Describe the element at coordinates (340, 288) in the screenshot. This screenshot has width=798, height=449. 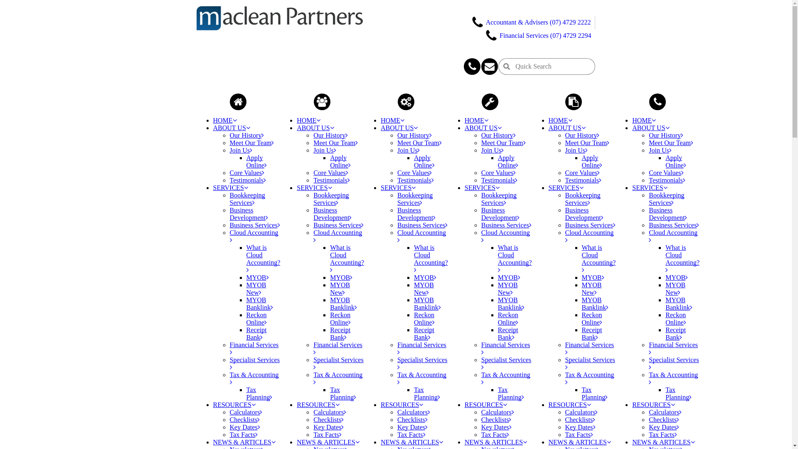
I see `'MYOB New'` at that location.